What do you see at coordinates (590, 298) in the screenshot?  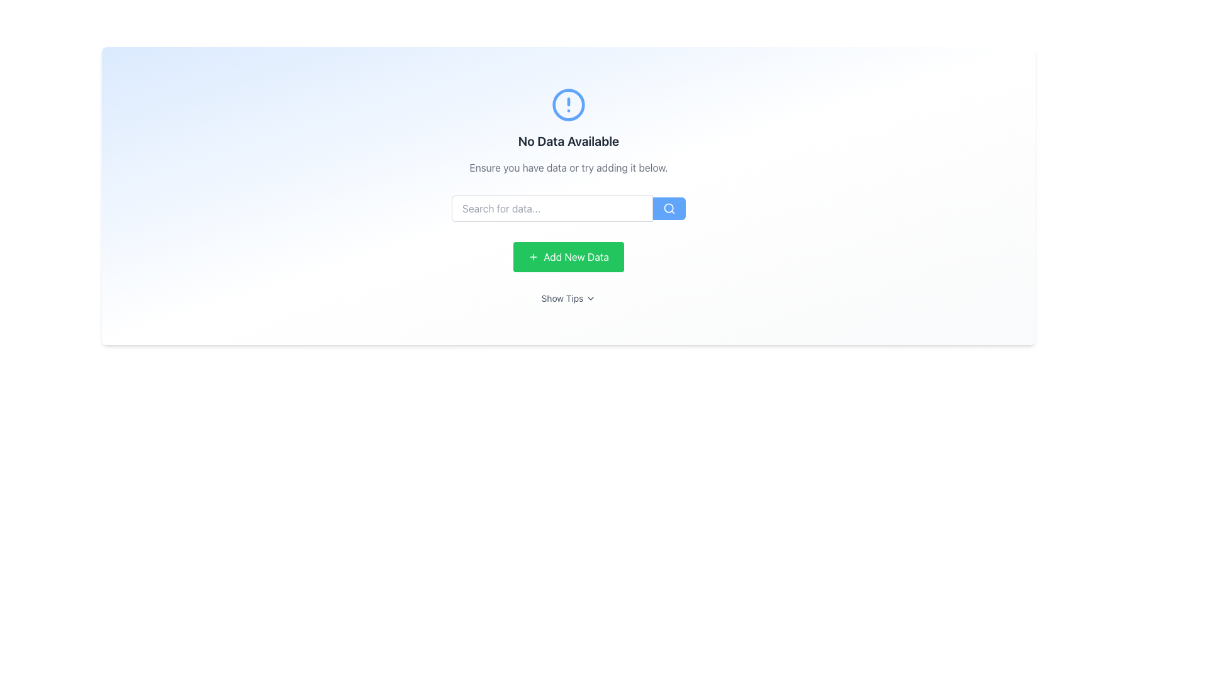 I see `the small chevron-down icon located to the right of the 'Show Tips' text at the bottom of the interface` at bounding box center [590, 298].